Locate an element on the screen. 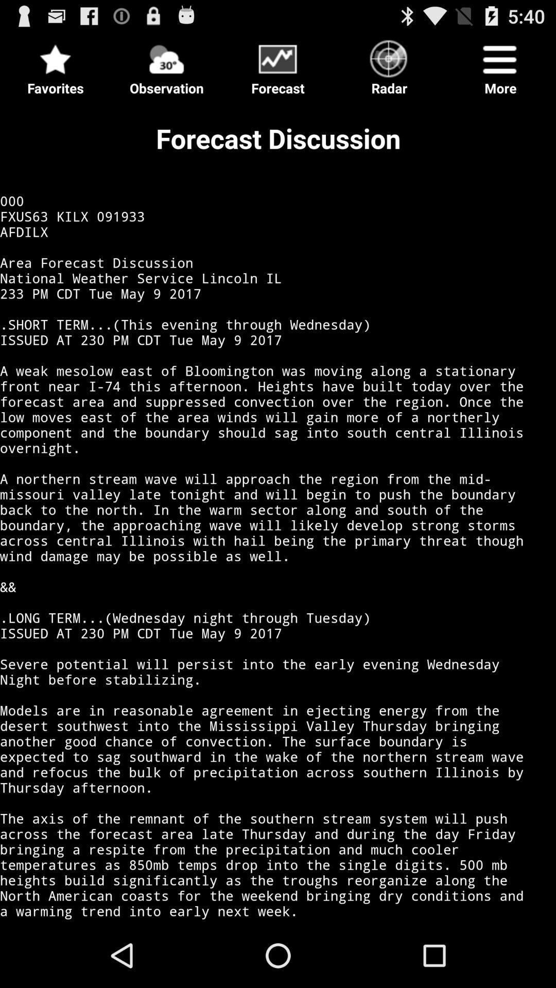 The width and height of the screenshot is (556, 988). observation icon is located at coordinates (166, 64).